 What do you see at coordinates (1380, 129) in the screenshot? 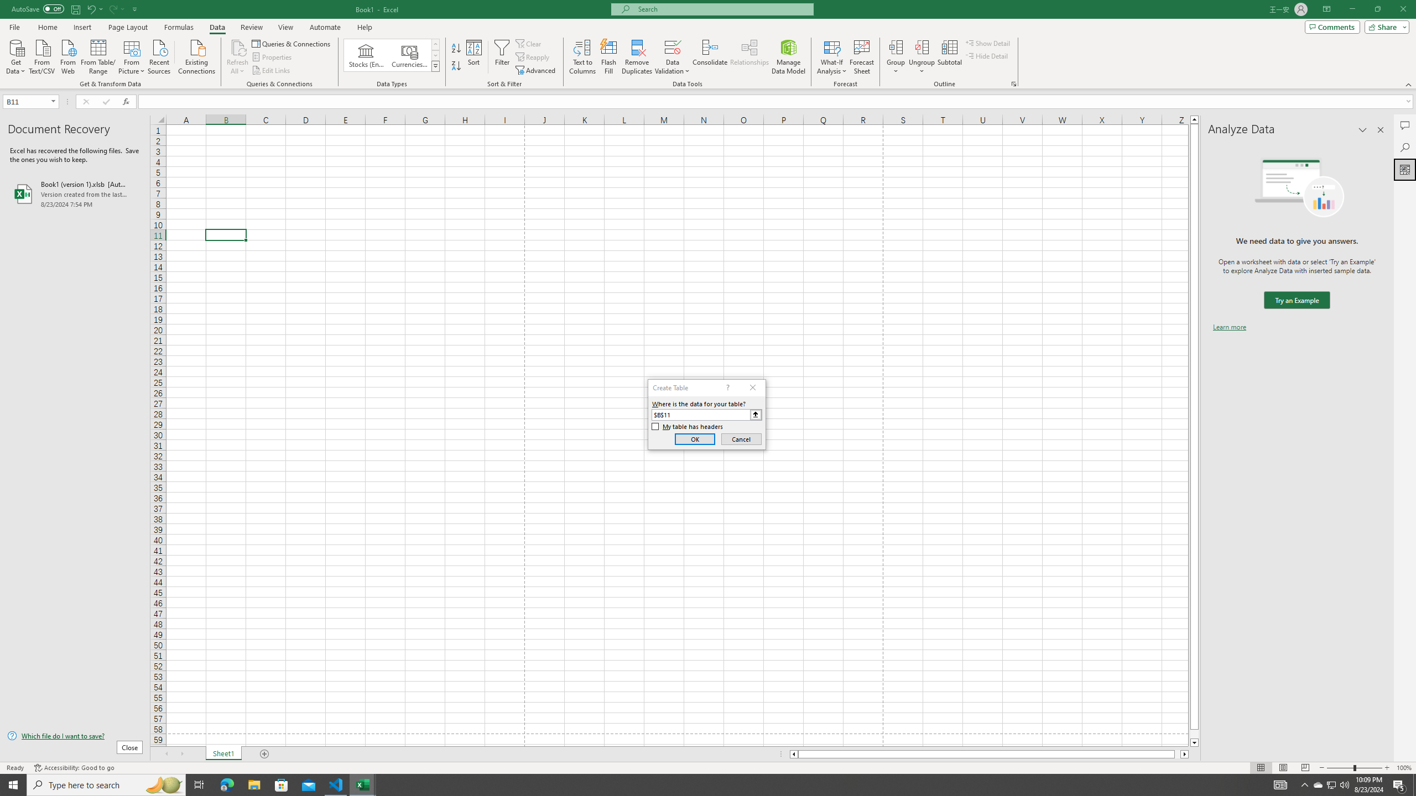
I see `'Close pane'` at bounding box center [1380, 129].